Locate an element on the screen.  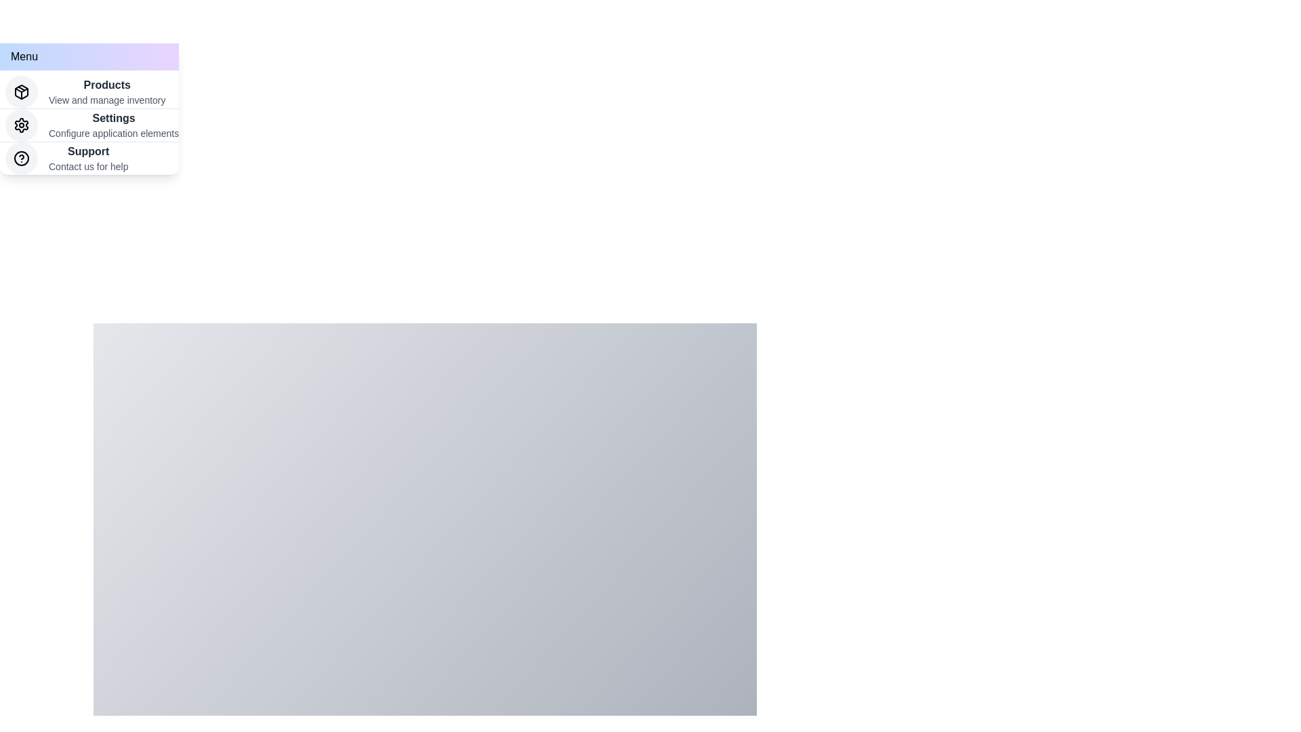
the 'Support' menu item is located at coordinates (87, 151).